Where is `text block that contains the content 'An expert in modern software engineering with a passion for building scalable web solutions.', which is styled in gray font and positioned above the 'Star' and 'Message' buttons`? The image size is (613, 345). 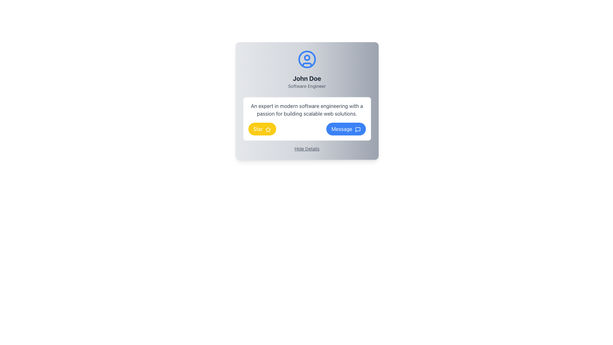
text block that contains the content 'An expert in modern software engineering with a passion for building scalable web solutions.', which is styled in gray font and positioned above the 'Star' and 'Message' buttons is located at coordinates (307, 109).